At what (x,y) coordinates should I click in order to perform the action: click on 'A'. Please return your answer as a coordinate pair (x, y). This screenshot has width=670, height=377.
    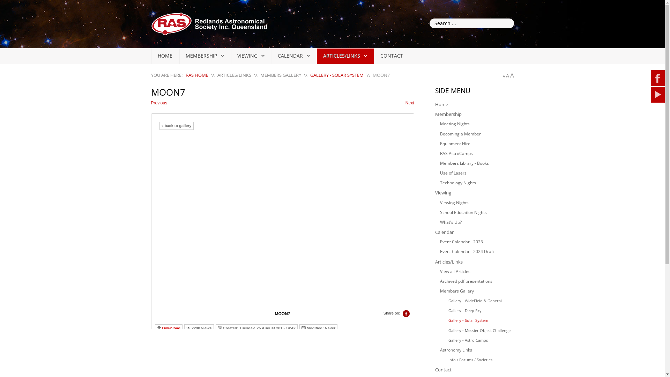
    Looking at the image, I should click on (506, 75).